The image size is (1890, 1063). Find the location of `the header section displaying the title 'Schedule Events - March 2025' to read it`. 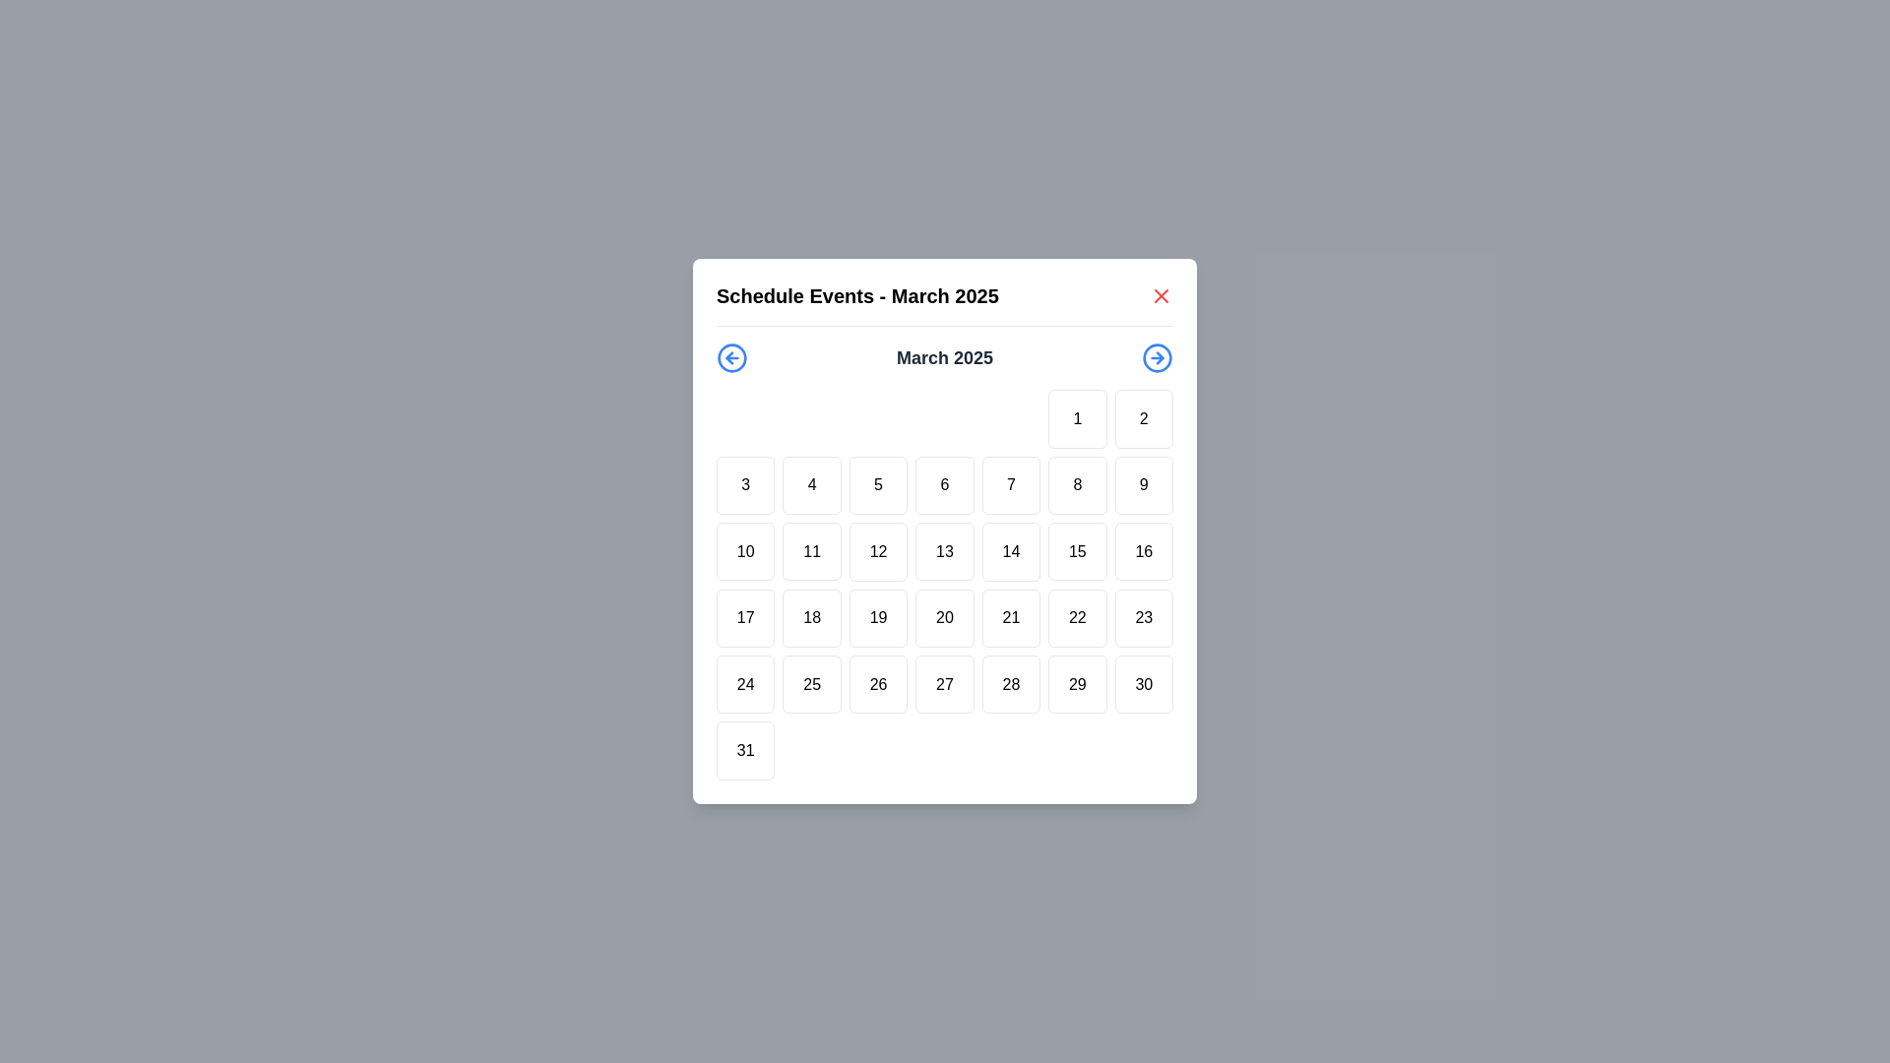

the header section displaying the title 'Schedule Events - March 2025' to read it is located at coordinates (945, 303).